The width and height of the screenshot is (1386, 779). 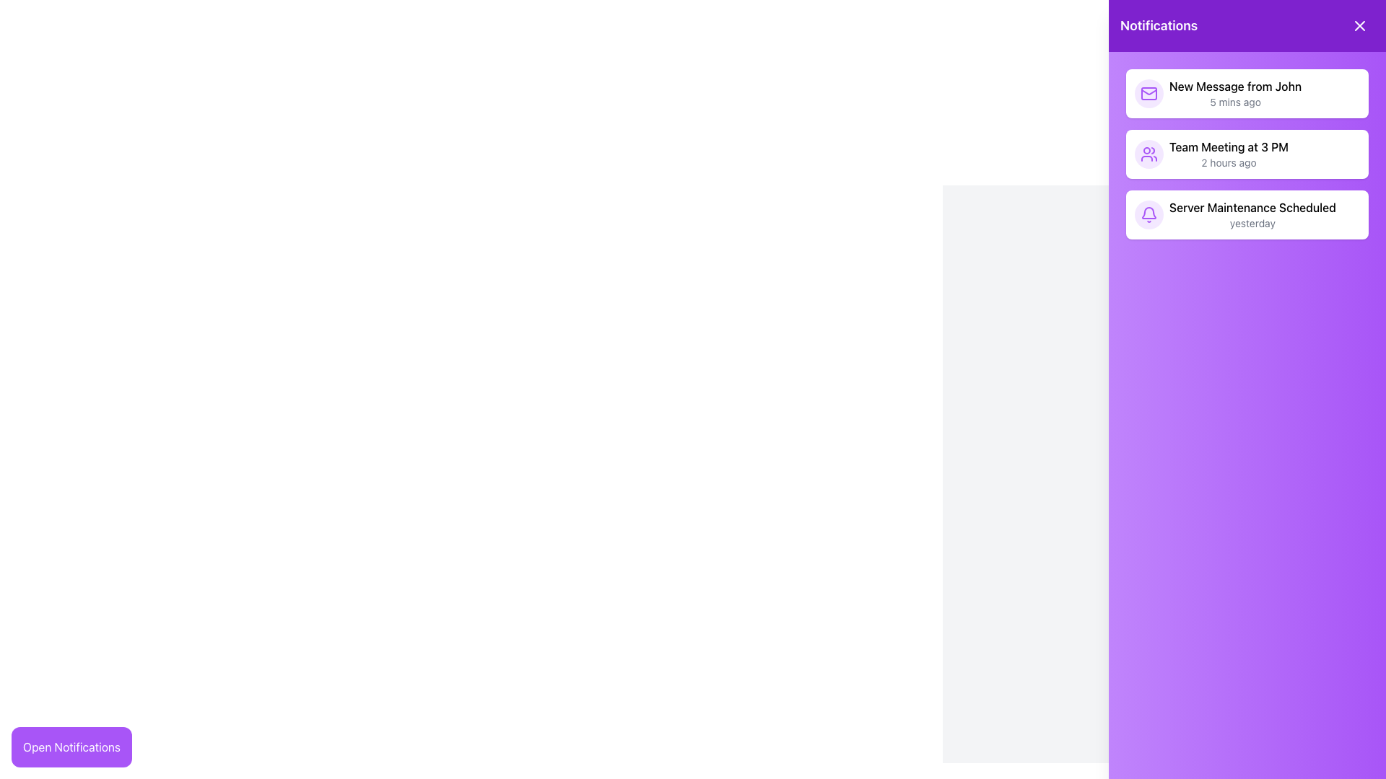 I want to click on title text of the last notification item, which is situated below the 'Team Meeting at 3 PM' notification, so click(x=1252, y=208).